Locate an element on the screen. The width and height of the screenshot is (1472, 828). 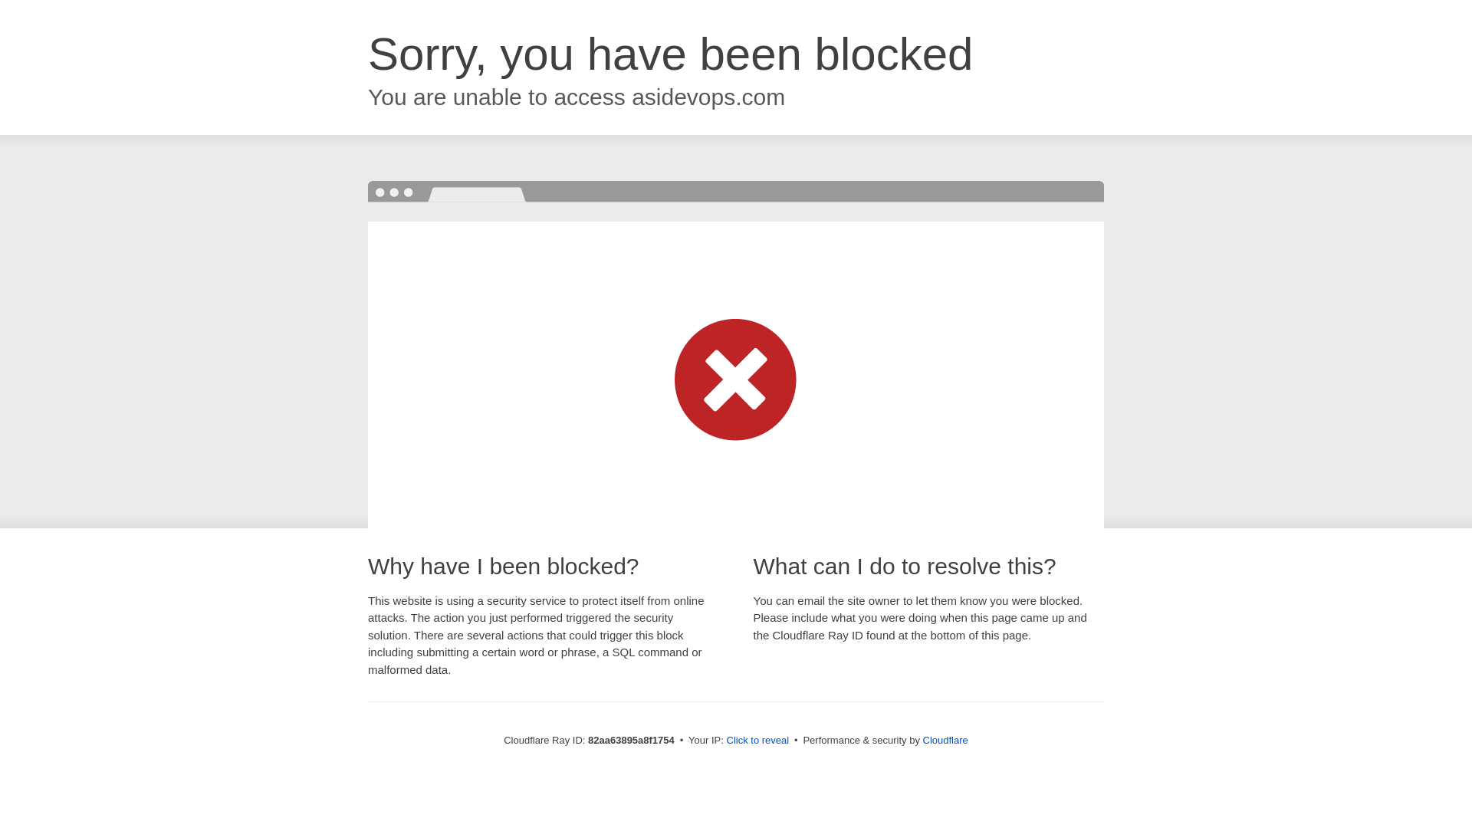
'Click to reveal' is located at coordinates (726, 739).